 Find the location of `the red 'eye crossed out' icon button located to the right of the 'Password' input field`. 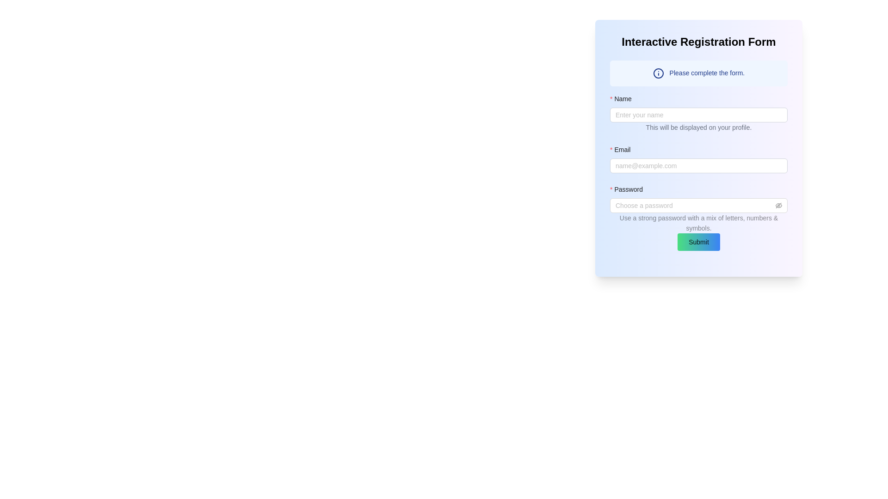

the red 'eye crossed out' icon button located to the right of the 'Password' input field is located at coordinates (778, 205).